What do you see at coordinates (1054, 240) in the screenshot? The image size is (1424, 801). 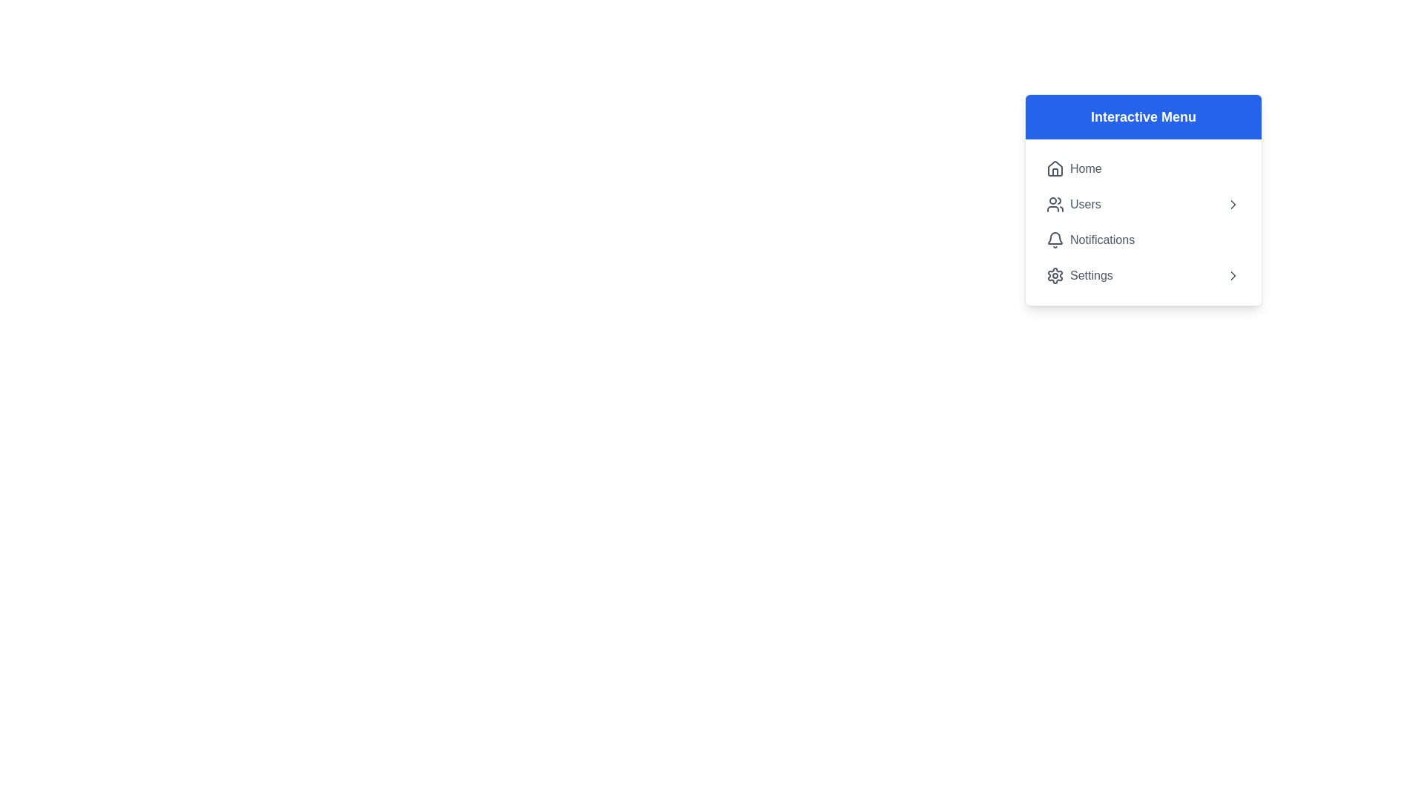 I see `the gray bell-shaped icon next to the 'Notifications' text in the menu list` at bounding box center [1054, 240].